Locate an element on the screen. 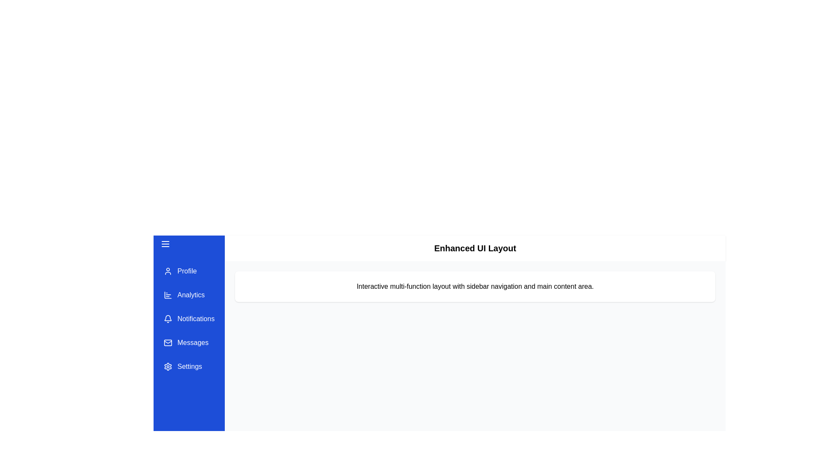 The width and height of the screenshot is (819, 460). the title Text block located at the top of the content area, which provides a description of the layout or main theme of the UI is located at coordinates (474, 248).